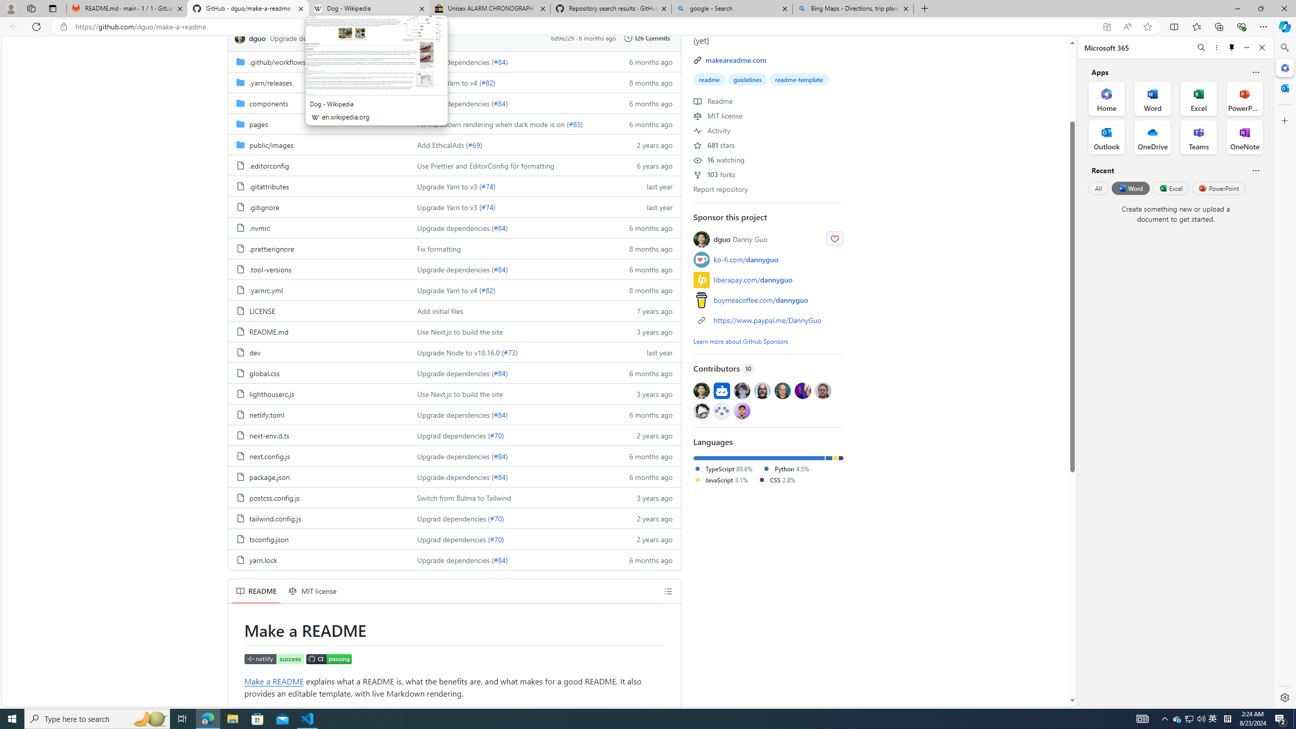  Describe the element at coordinates (265, 290) in the screenshot. I see `'.yarnrc.yml, (File)'` at that location.